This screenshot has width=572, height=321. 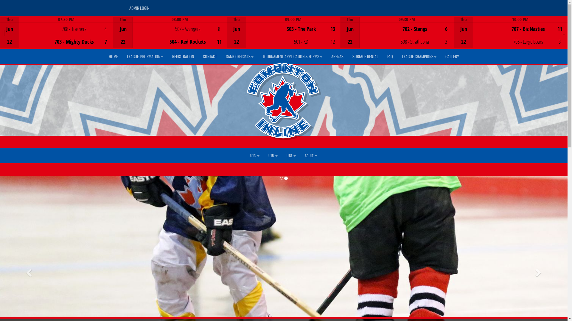 I want to click on 'U15', so click(x=273, y=155).